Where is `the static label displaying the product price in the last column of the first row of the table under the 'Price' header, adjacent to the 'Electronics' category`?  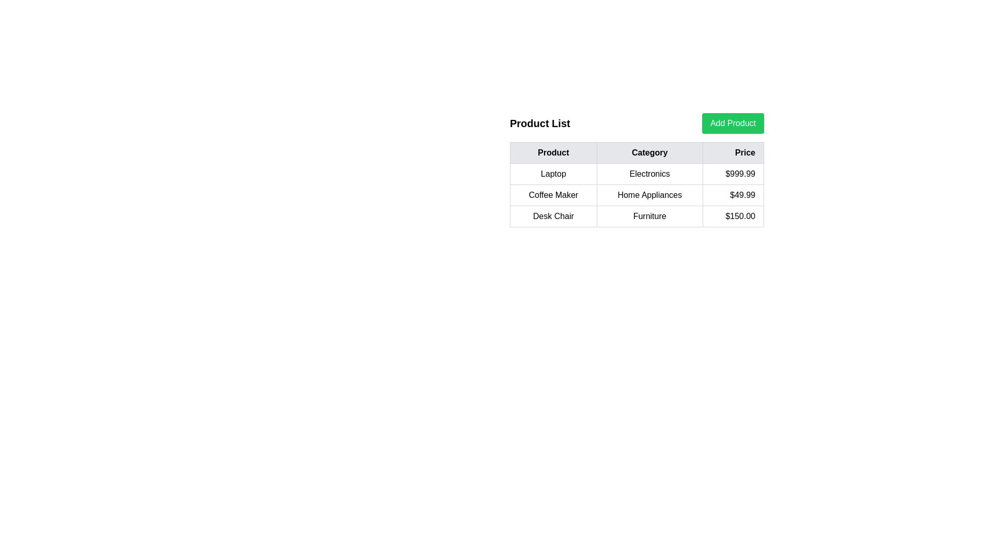
the static label displaying the product price in the last column of the first row of the table under the 'Price' header, adjacent to the 'Electronics' category is located at coordinates (733, 173).